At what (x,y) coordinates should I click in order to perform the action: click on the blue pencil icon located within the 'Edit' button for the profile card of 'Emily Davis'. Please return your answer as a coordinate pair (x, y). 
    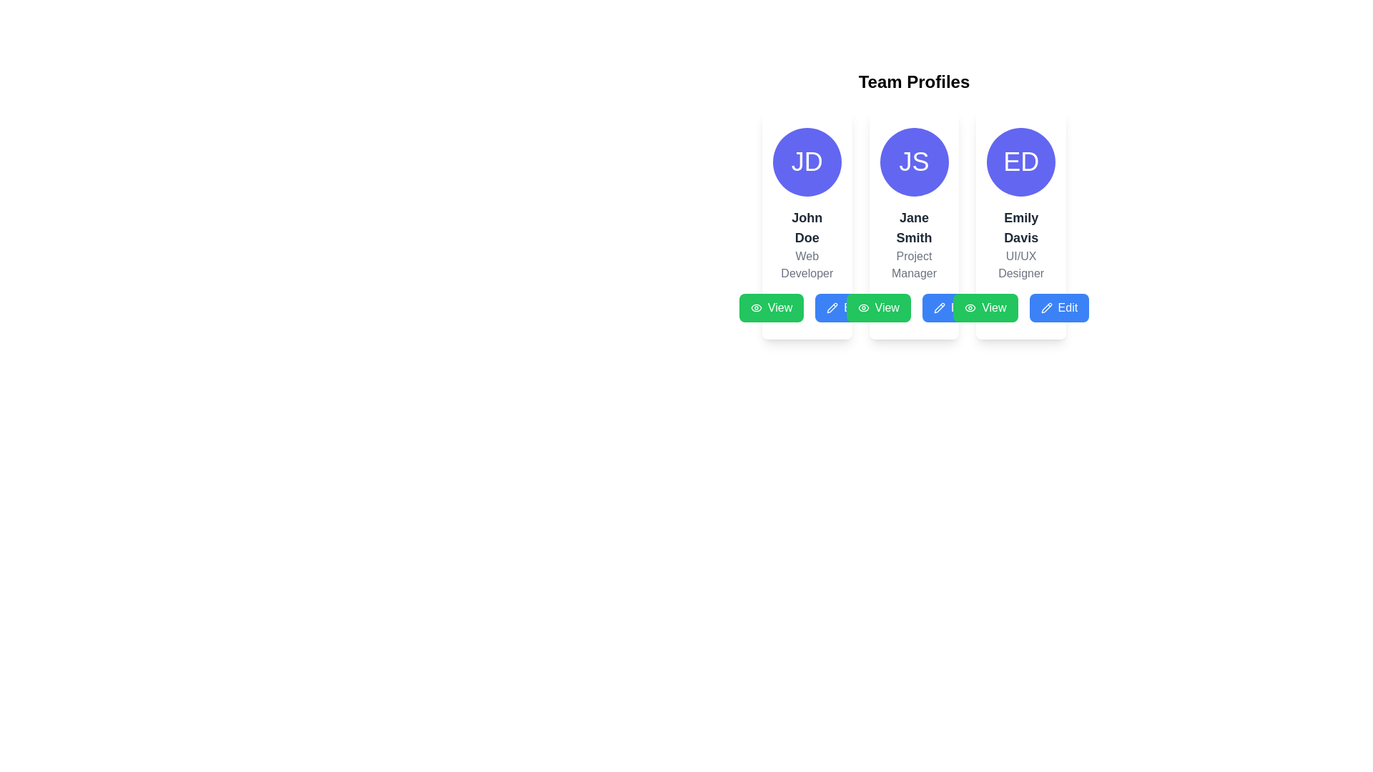
    Looking at the image, I should click on (939, 307).